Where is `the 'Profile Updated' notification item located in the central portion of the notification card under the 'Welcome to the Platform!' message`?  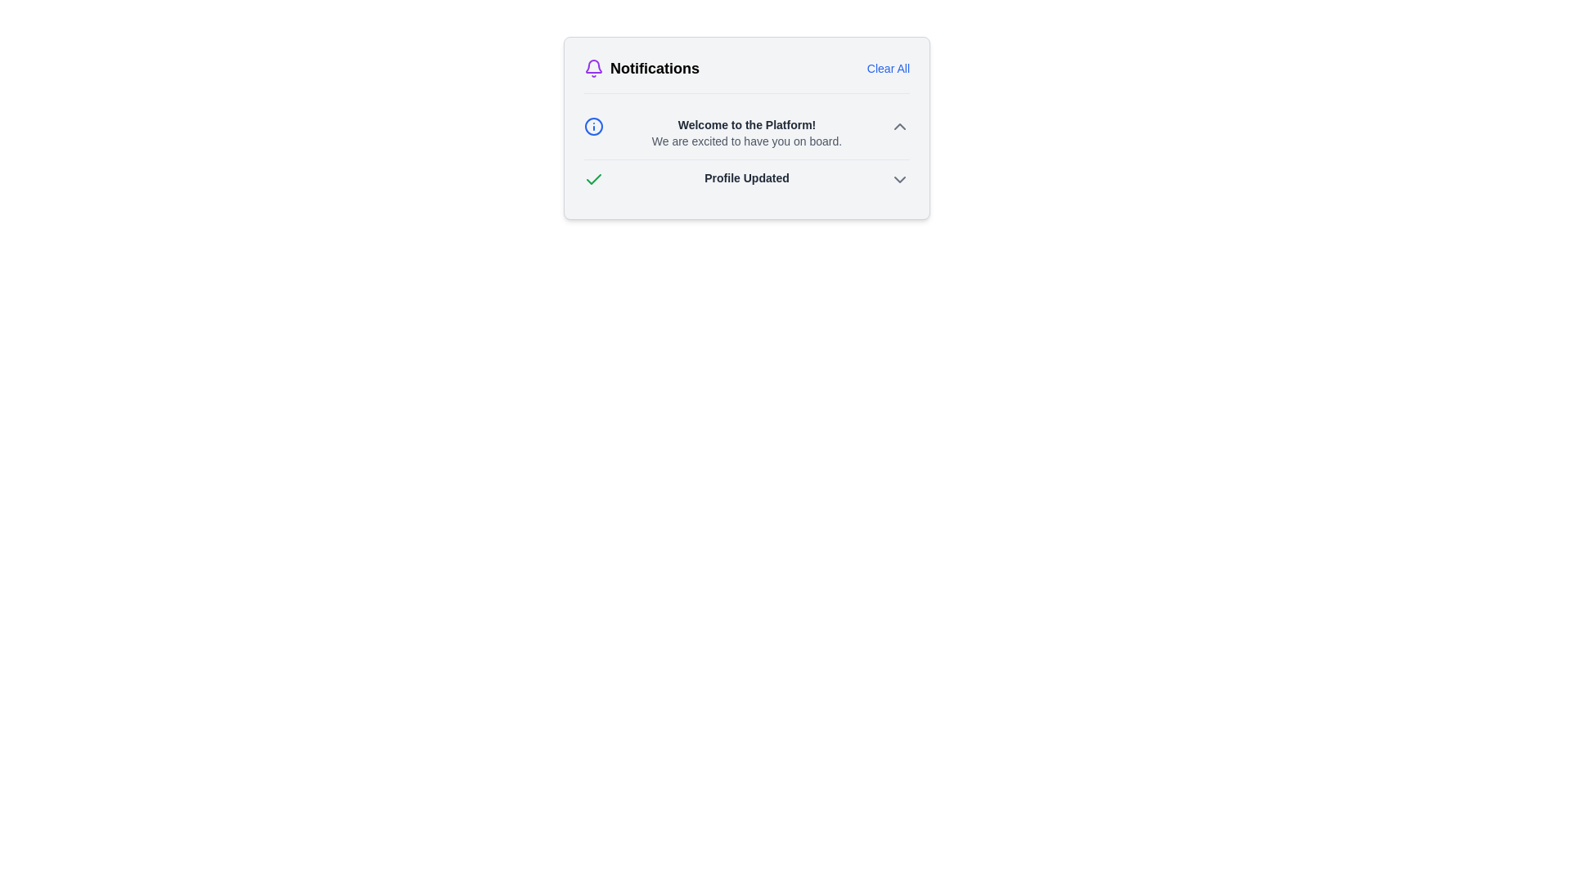
the 'Profile Updated' notification item located in the central portion of the notification card under the 'Welcome to the Platform!' message is located at coordinates (745, 179).